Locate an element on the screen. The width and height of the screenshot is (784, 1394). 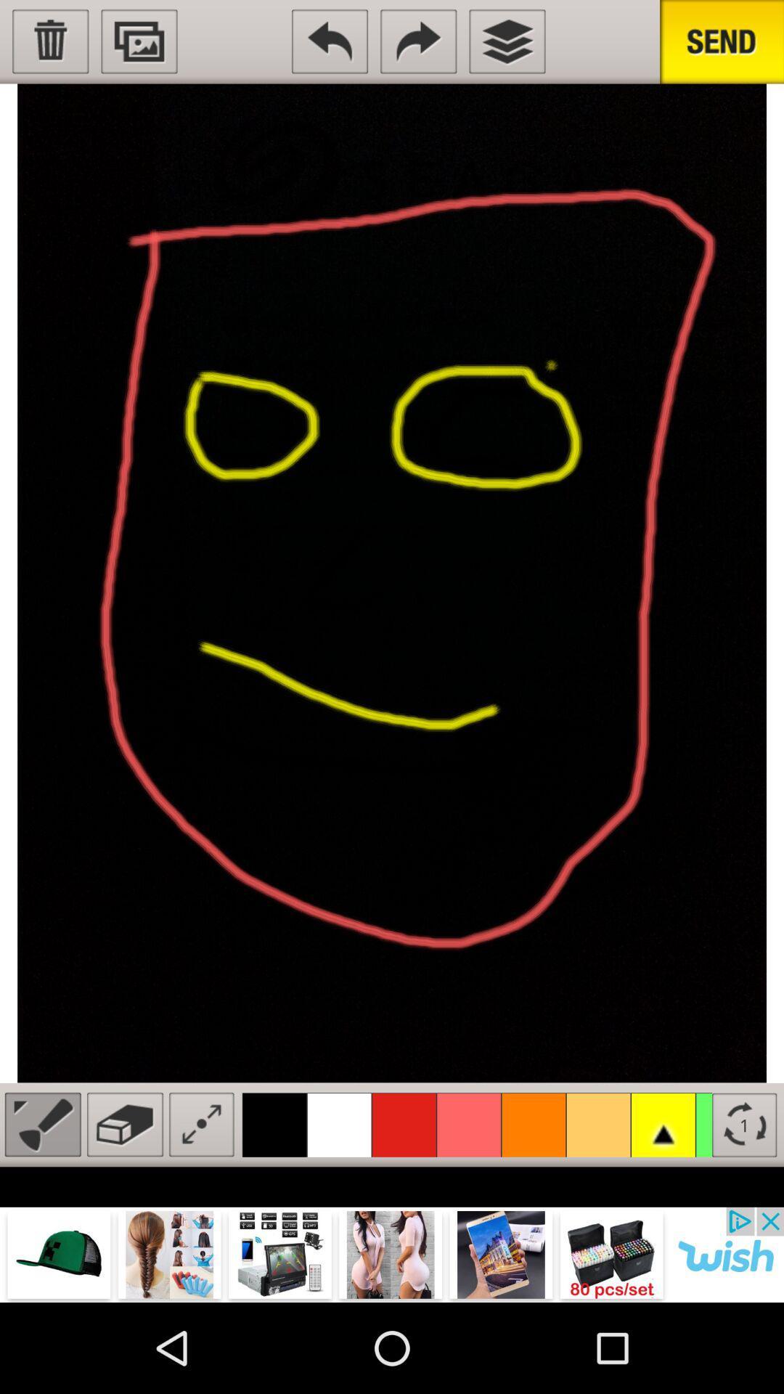
select is located at coordinates (49, 41).